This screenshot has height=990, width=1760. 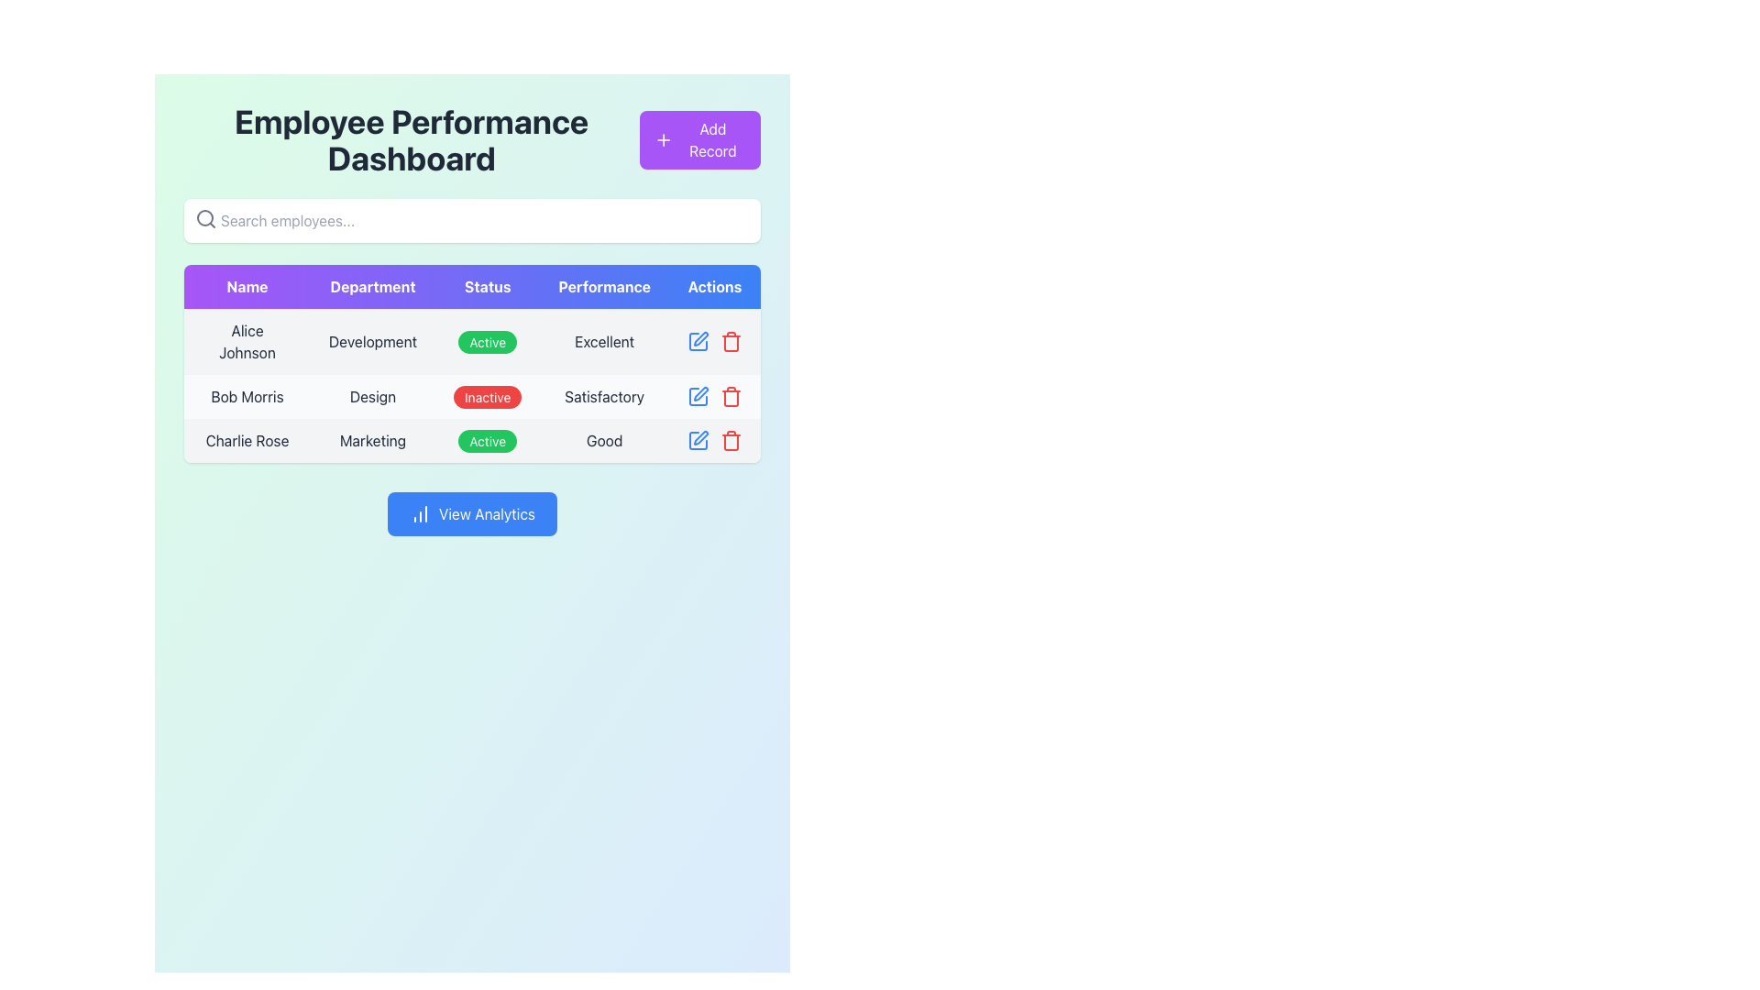 I want to click on the Status Badge with red background and white text displaying 'Inactive' in the Status column of Bob Morris's row, so click(x=488, y=396).